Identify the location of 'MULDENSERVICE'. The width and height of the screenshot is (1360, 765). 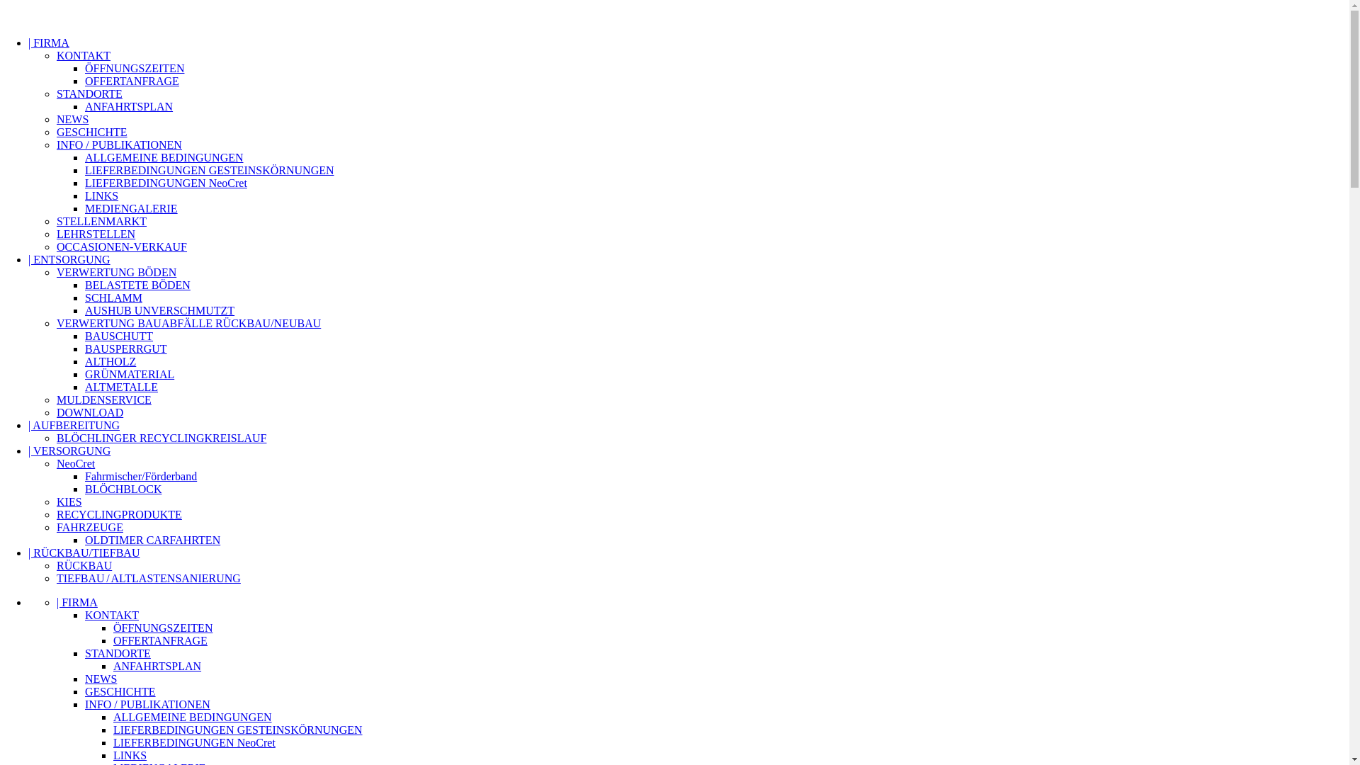
(103, 399).